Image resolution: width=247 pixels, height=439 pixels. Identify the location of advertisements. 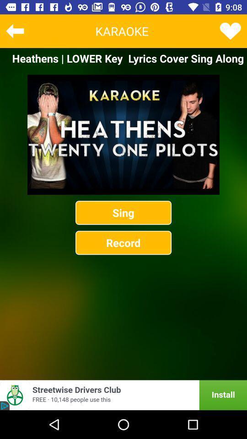
(123, 395).